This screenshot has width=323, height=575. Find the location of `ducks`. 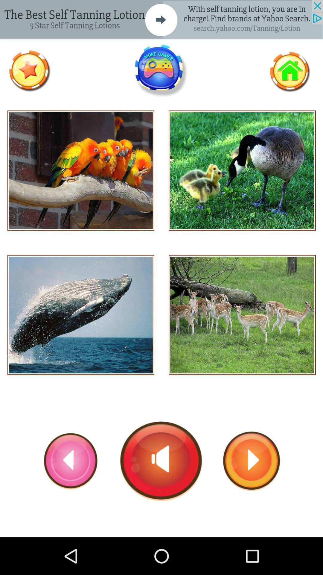

ducks is located at coordinates (242, 170).